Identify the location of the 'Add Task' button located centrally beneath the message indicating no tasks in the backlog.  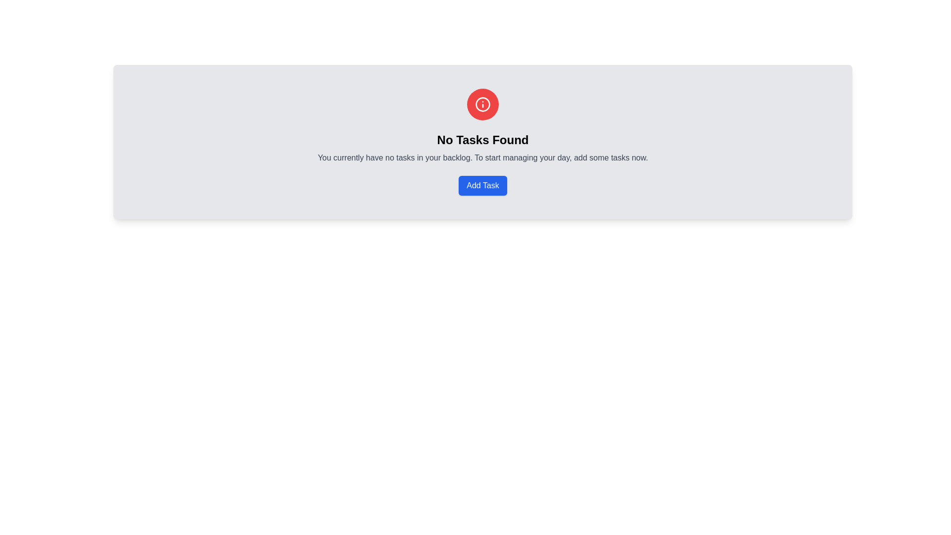
(482, 185).